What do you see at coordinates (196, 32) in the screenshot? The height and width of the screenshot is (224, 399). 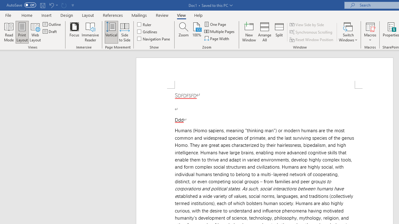 I see `'100%'` at bounding box center [196, 32].